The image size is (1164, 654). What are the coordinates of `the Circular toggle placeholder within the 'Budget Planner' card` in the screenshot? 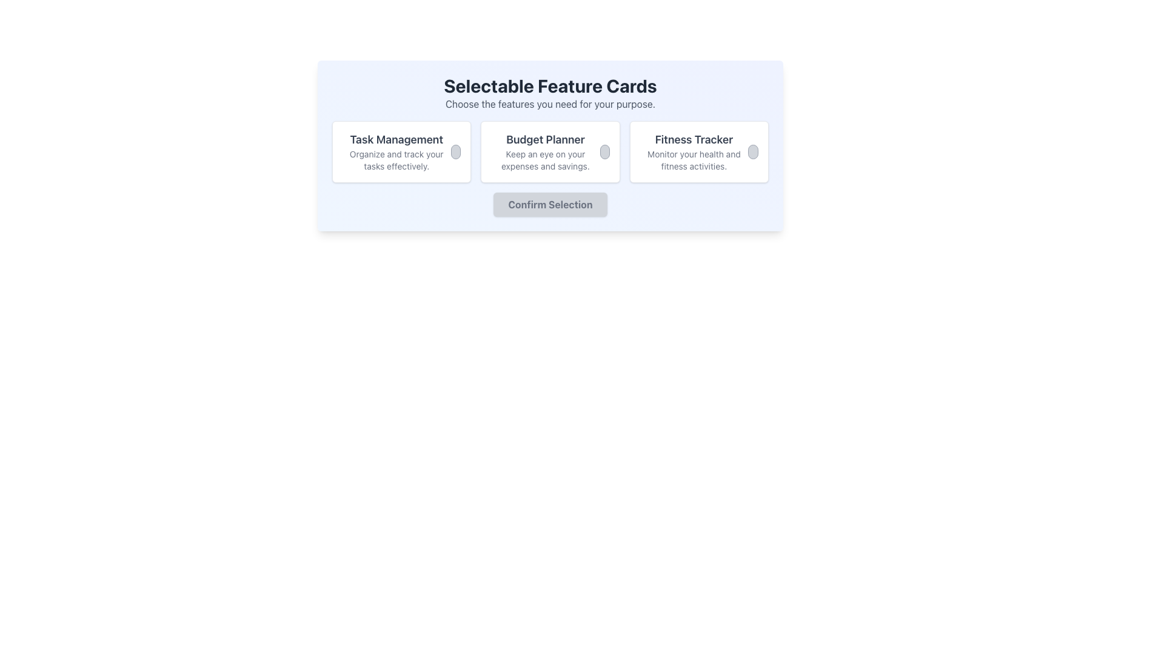 It's located at (604, 151).